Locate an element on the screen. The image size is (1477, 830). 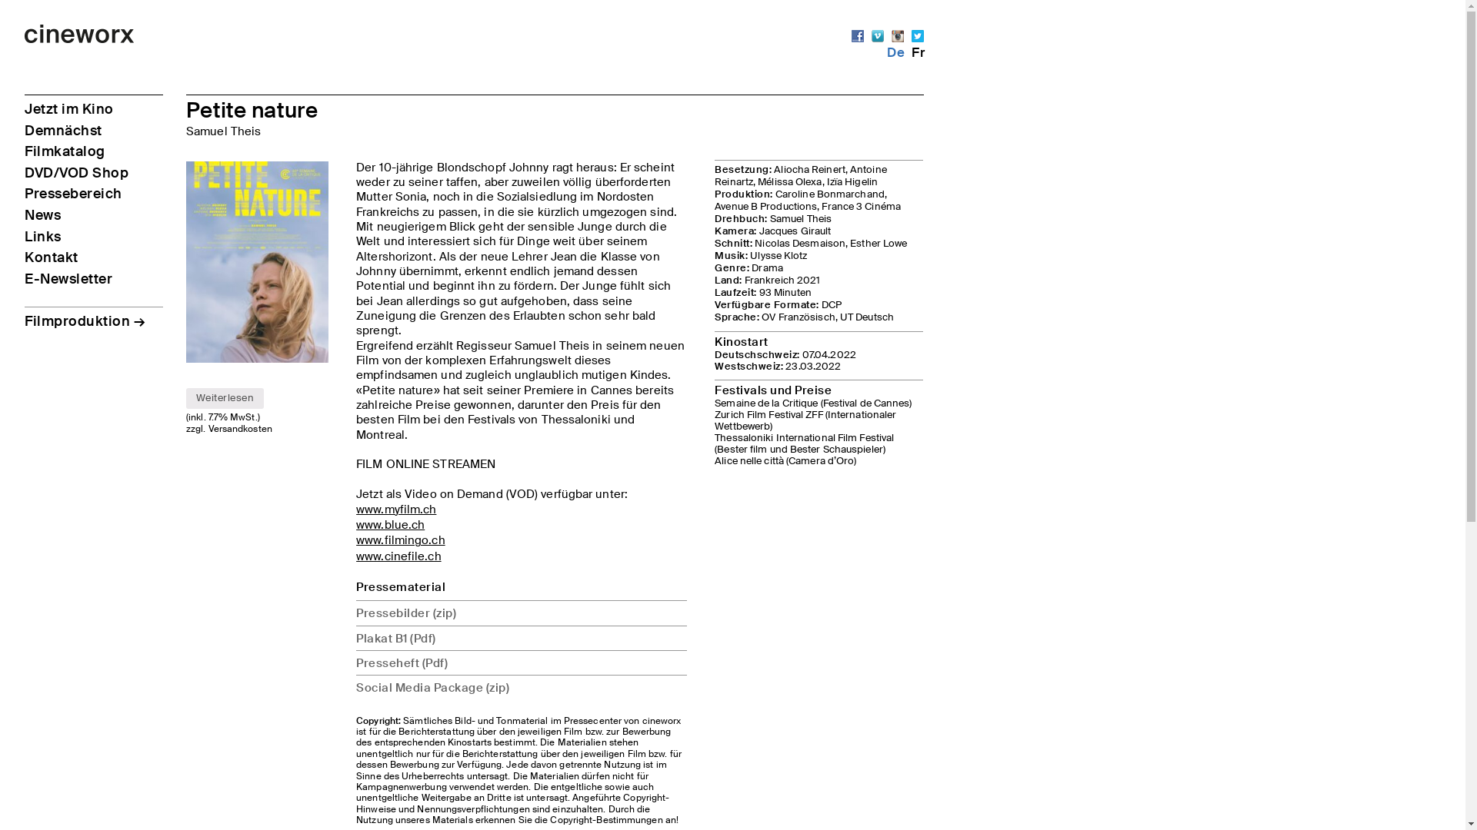
'Skip to content' is located at coordinates (25, 25).